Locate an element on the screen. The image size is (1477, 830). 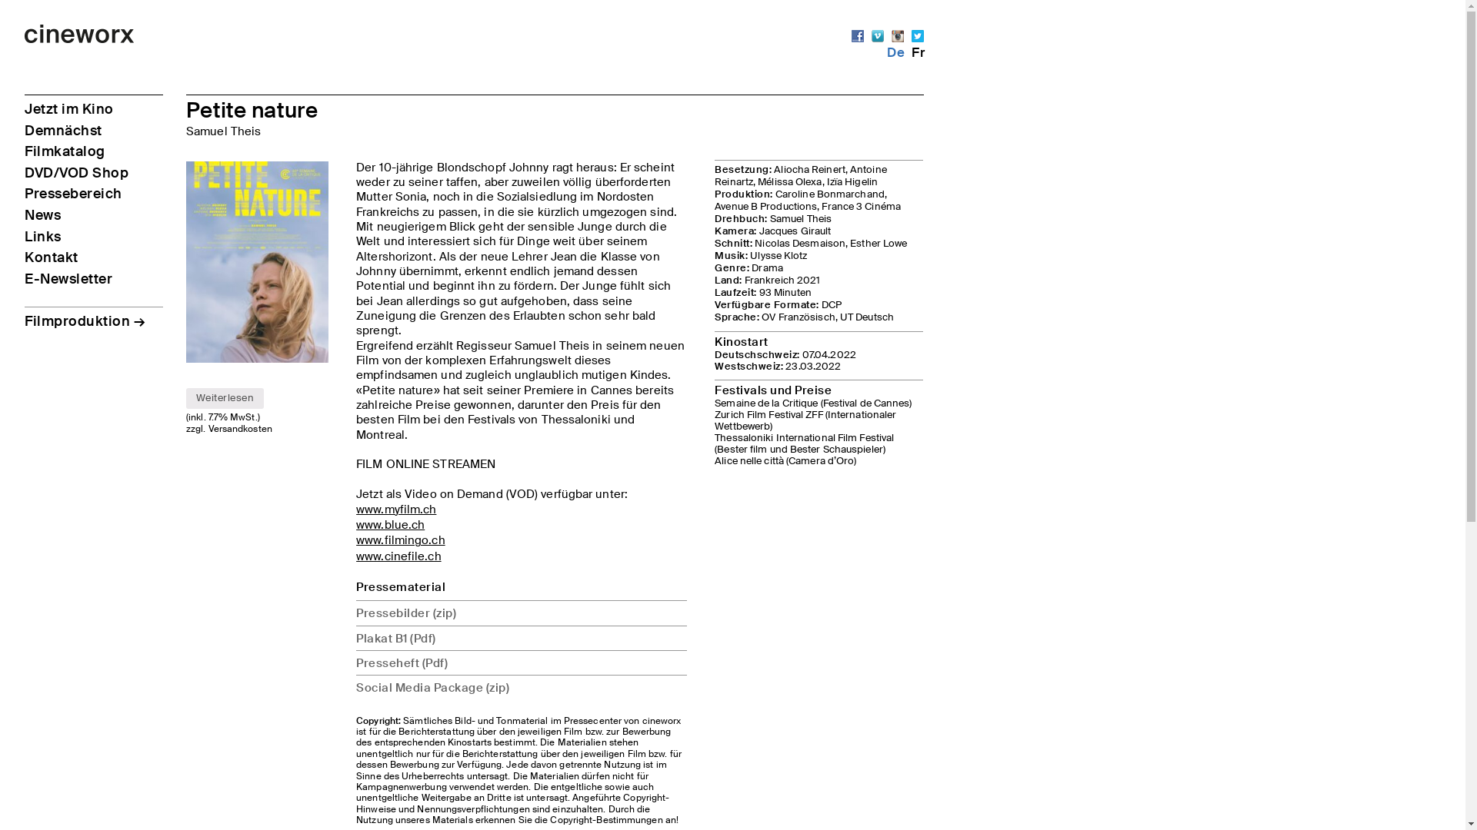
'Skip to content' is located at coordinates (25, 25).